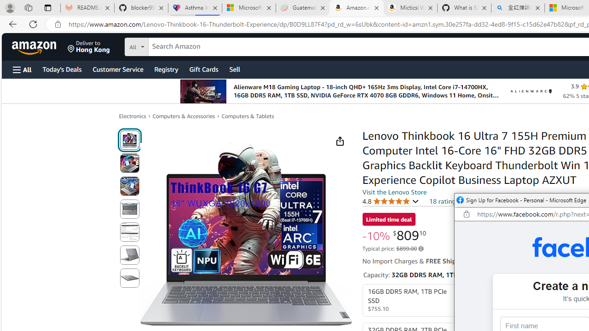 The height and width of the screenshot is (331, 589). I want to click on 'Deliver to Hong Kong', so click(89, 46).